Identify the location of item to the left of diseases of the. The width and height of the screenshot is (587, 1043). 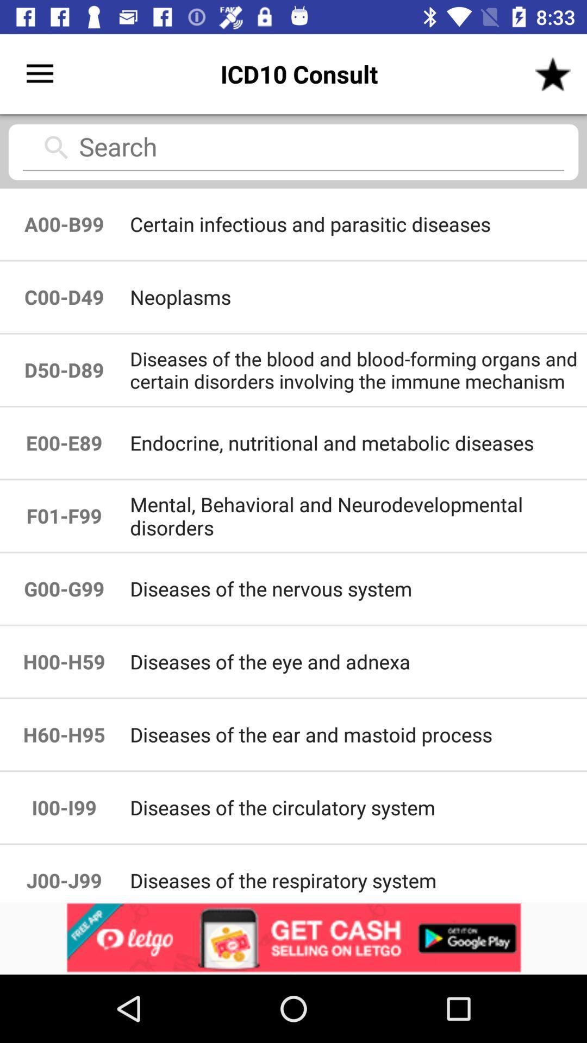
(64, 661).